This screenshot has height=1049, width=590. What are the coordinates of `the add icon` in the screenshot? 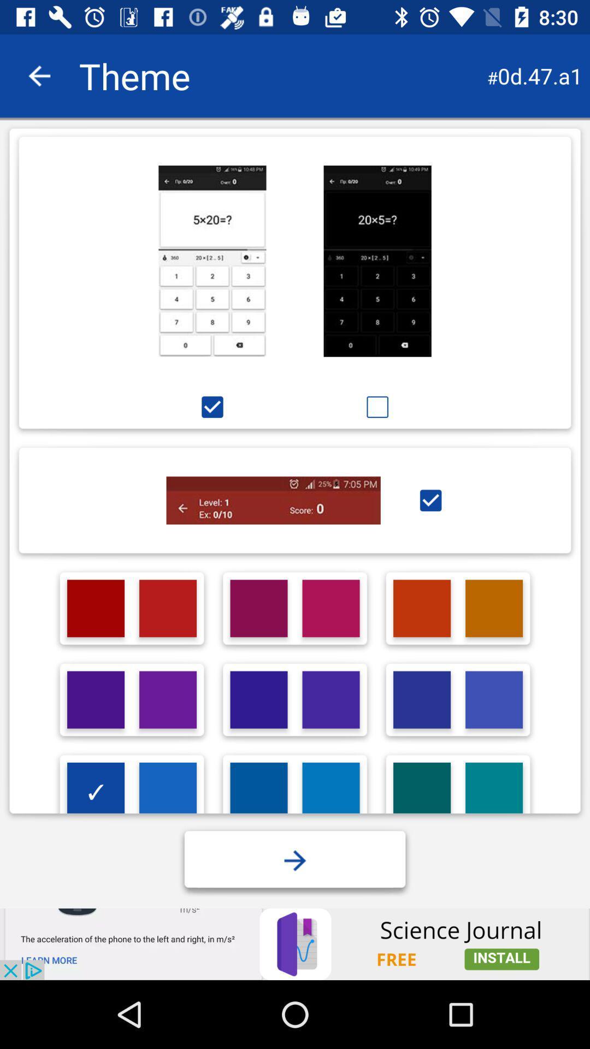 It's located at (295, 860).